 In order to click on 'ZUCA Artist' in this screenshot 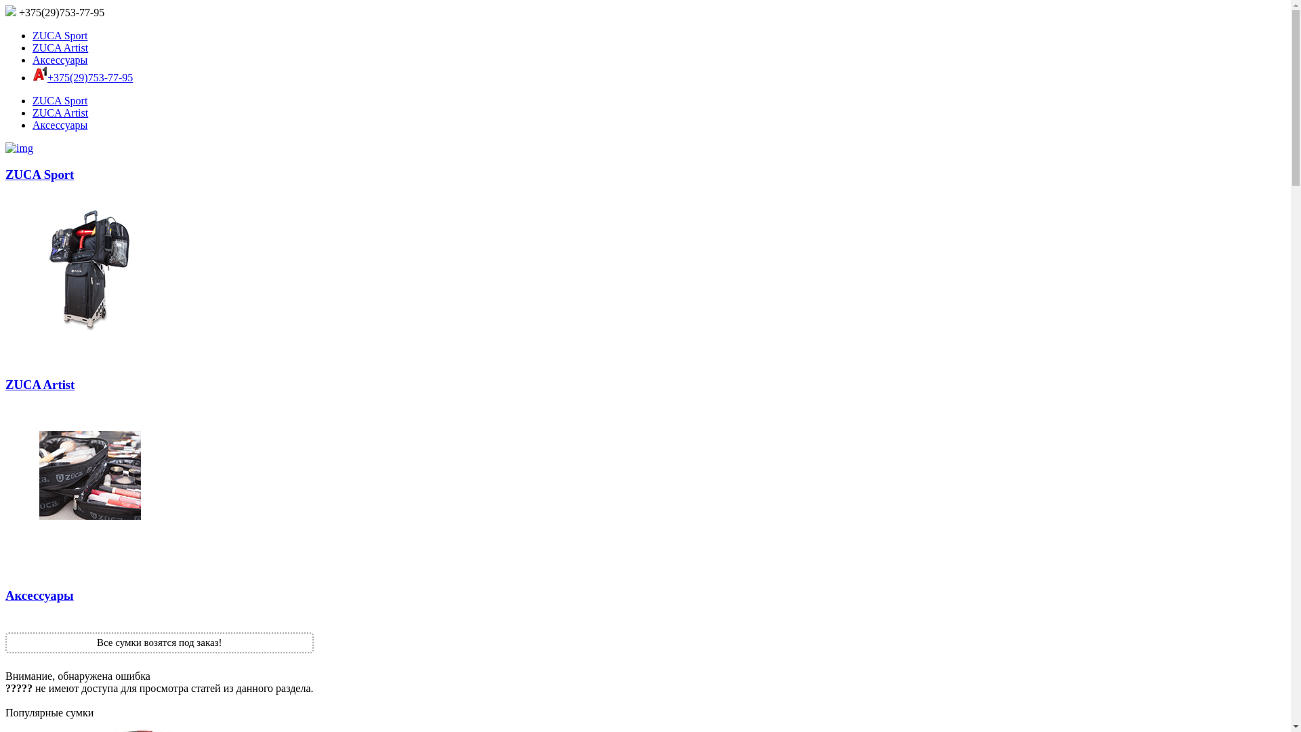, I will do `click(644, 465)`.